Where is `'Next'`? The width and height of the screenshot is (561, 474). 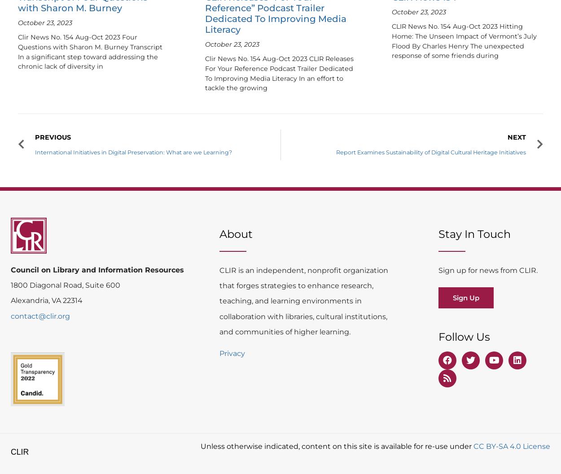
'Next' is located at coordinates (517, 136).